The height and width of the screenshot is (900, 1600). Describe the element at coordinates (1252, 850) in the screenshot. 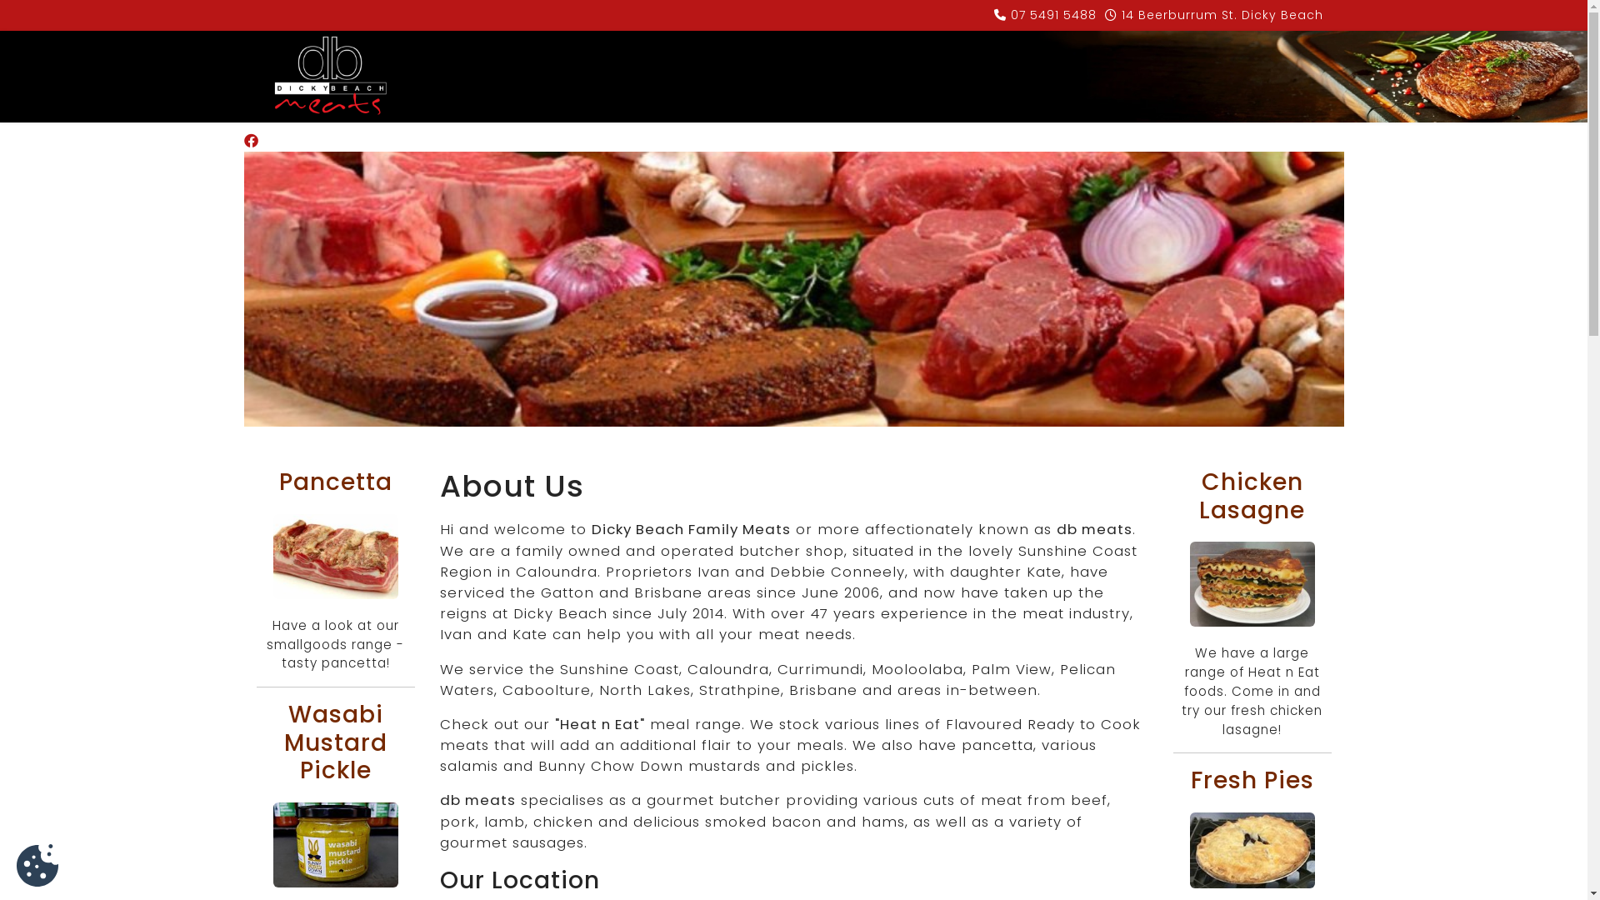

I see `'fresh pies'` at that location.